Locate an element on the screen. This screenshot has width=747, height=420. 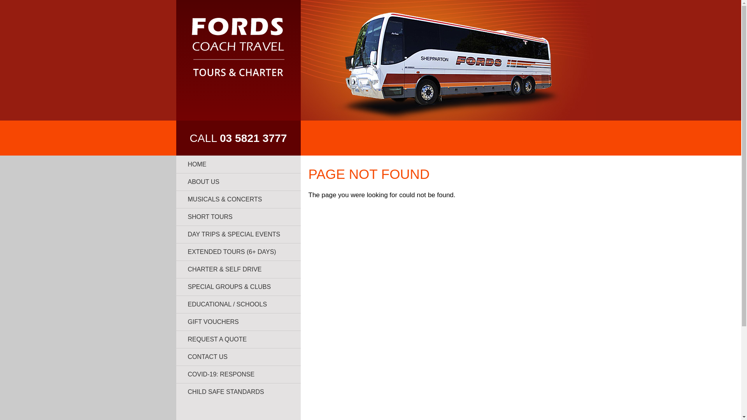
'REQUEST A QUOTE' is located at coordinates (237, 339).